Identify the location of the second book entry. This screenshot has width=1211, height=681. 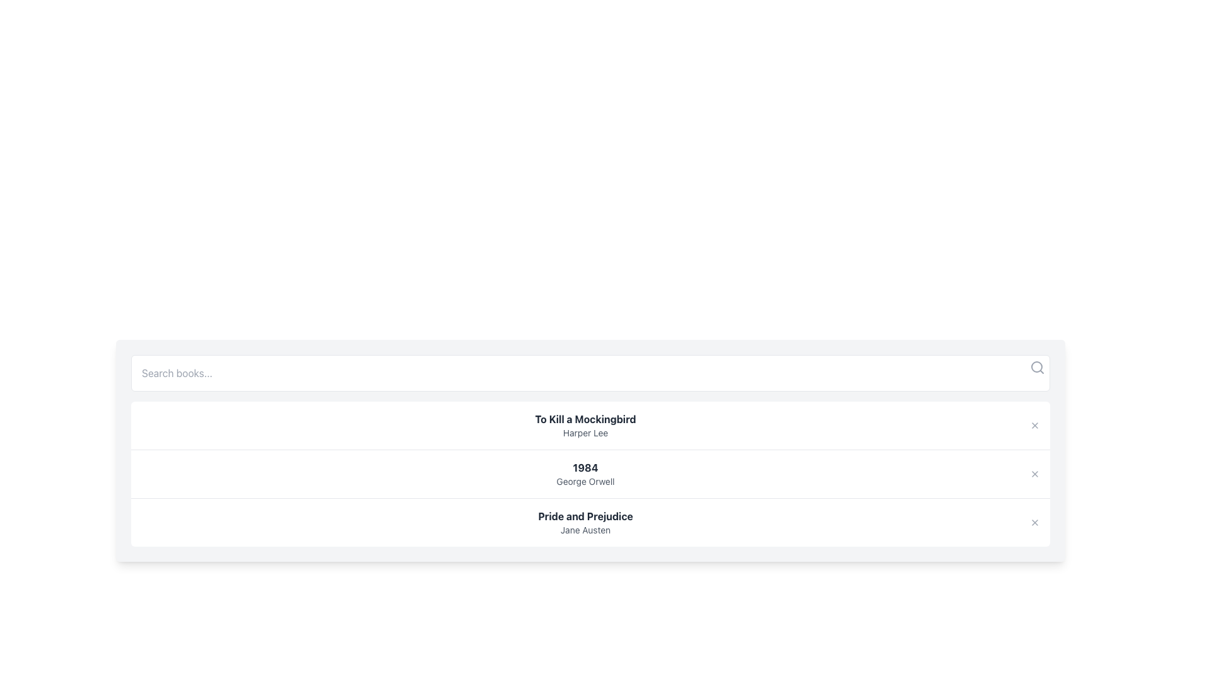
(590, 474).